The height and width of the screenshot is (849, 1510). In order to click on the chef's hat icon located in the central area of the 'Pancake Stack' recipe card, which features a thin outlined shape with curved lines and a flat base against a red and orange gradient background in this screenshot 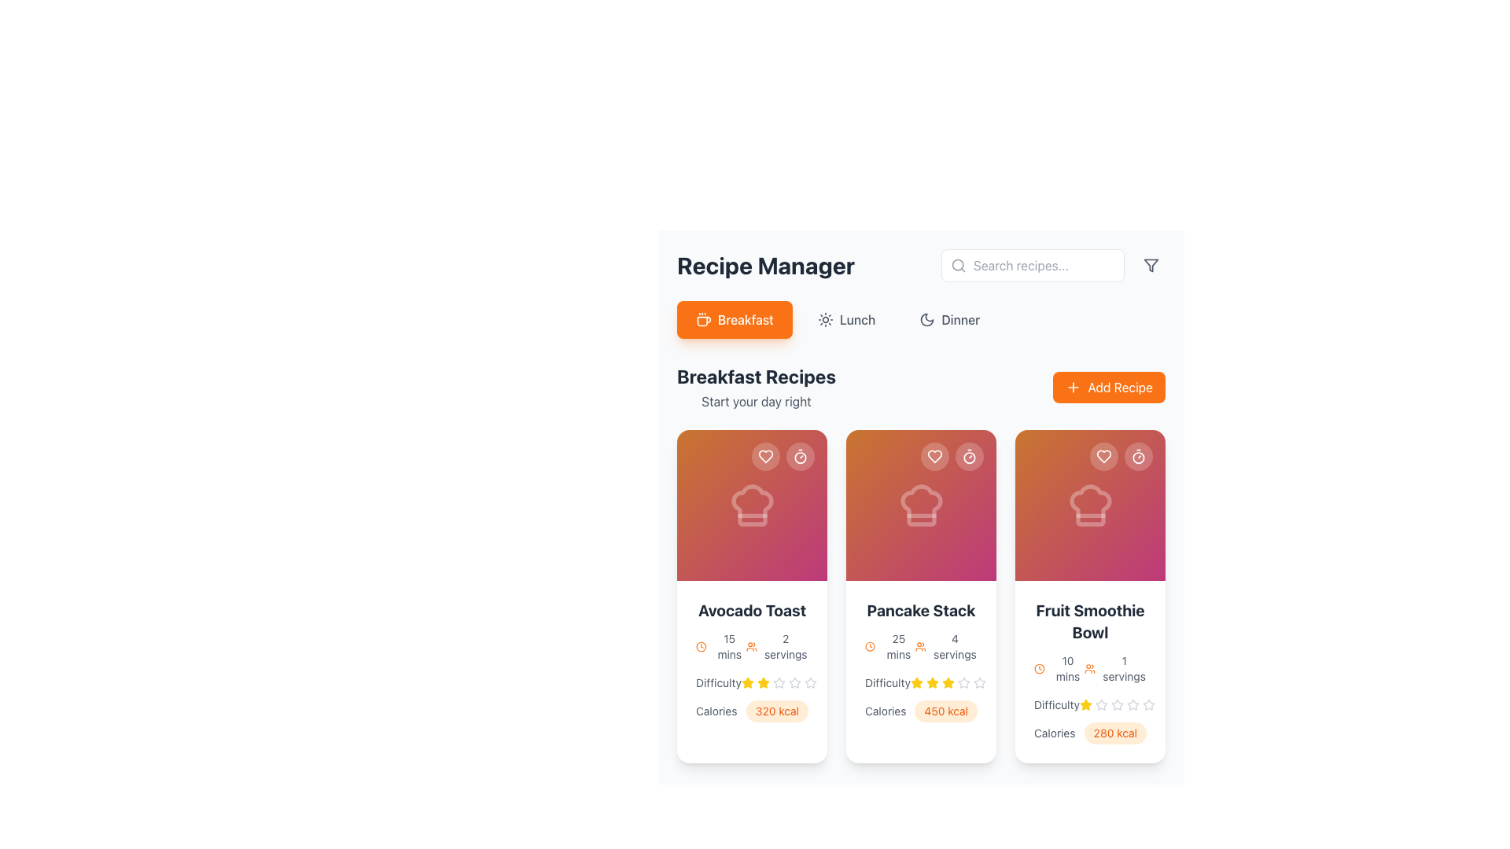, I will do `click(921, 505)`.